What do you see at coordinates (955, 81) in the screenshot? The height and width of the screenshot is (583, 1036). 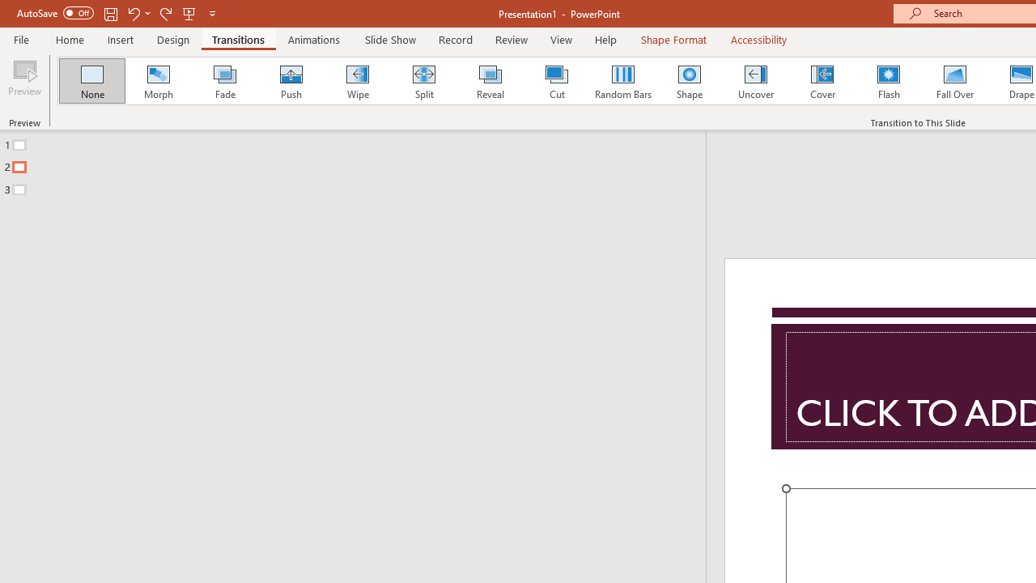 I see `'Fall Over'` at bounding box center [955, 81].